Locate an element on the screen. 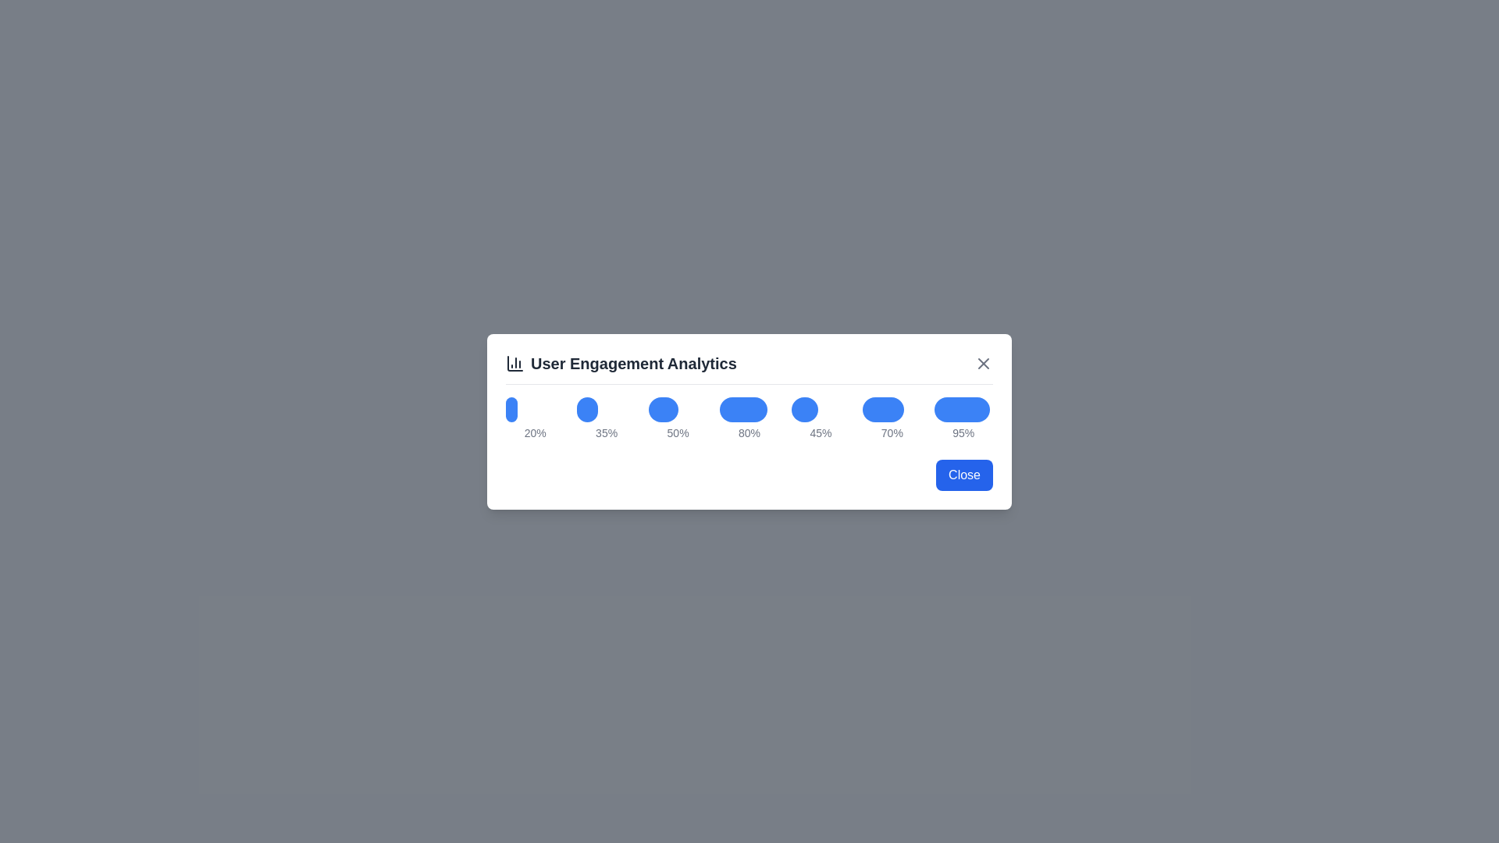 This screenshot has width=1499, height=843. the bar graph corresponding to the percentage 95 is located at coordinates (961, 408).